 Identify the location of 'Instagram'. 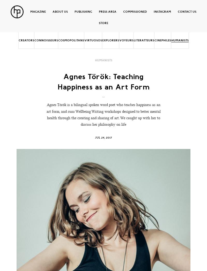
(162, 11).